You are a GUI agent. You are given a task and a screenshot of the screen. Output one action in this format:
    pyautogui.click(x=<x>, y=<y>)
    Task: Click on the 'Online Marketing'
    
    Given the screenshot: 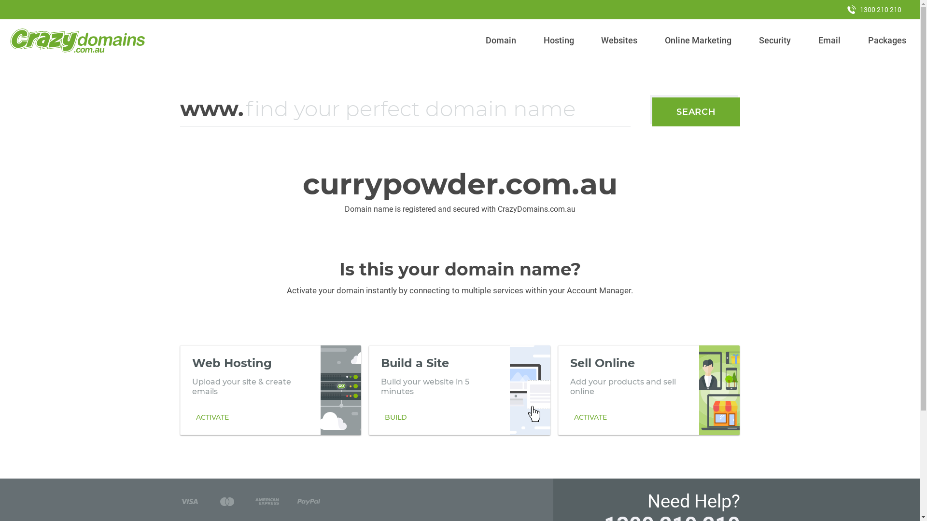 What is the action you would take?
    pyautogui.click(x=698, y=40)
    